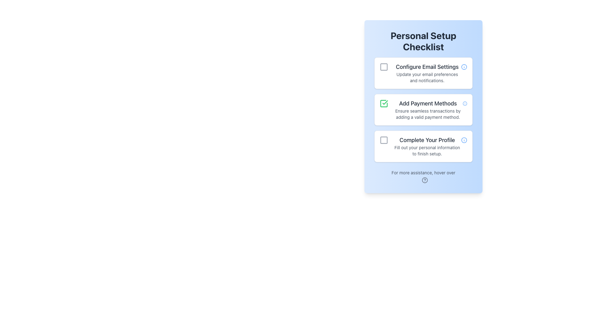 The width and height of the screenshot is (595, 335). Describe the element at coordinates (427, 77) in the screenshot. I see `the text label that says 'Update your email preferences and notifications.', which is located directly beneath the 'Configure Email Settings' title` at that location.